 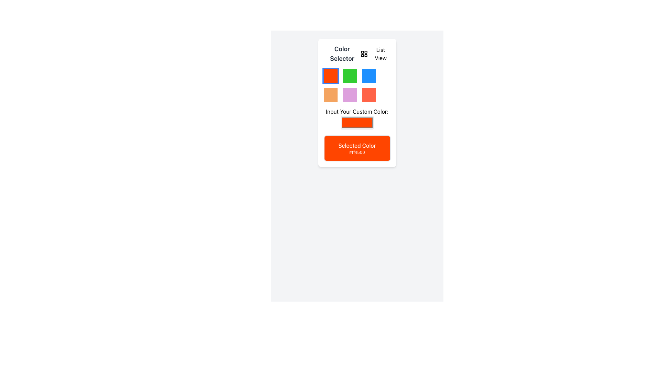 What do you see at coordinates (330, 95) in the screenshot?
I see `the interactive color selection tile with an orange background (#f4a460) located in the second row, fourth column of the color selection grid` at bounding box center [330, 95].